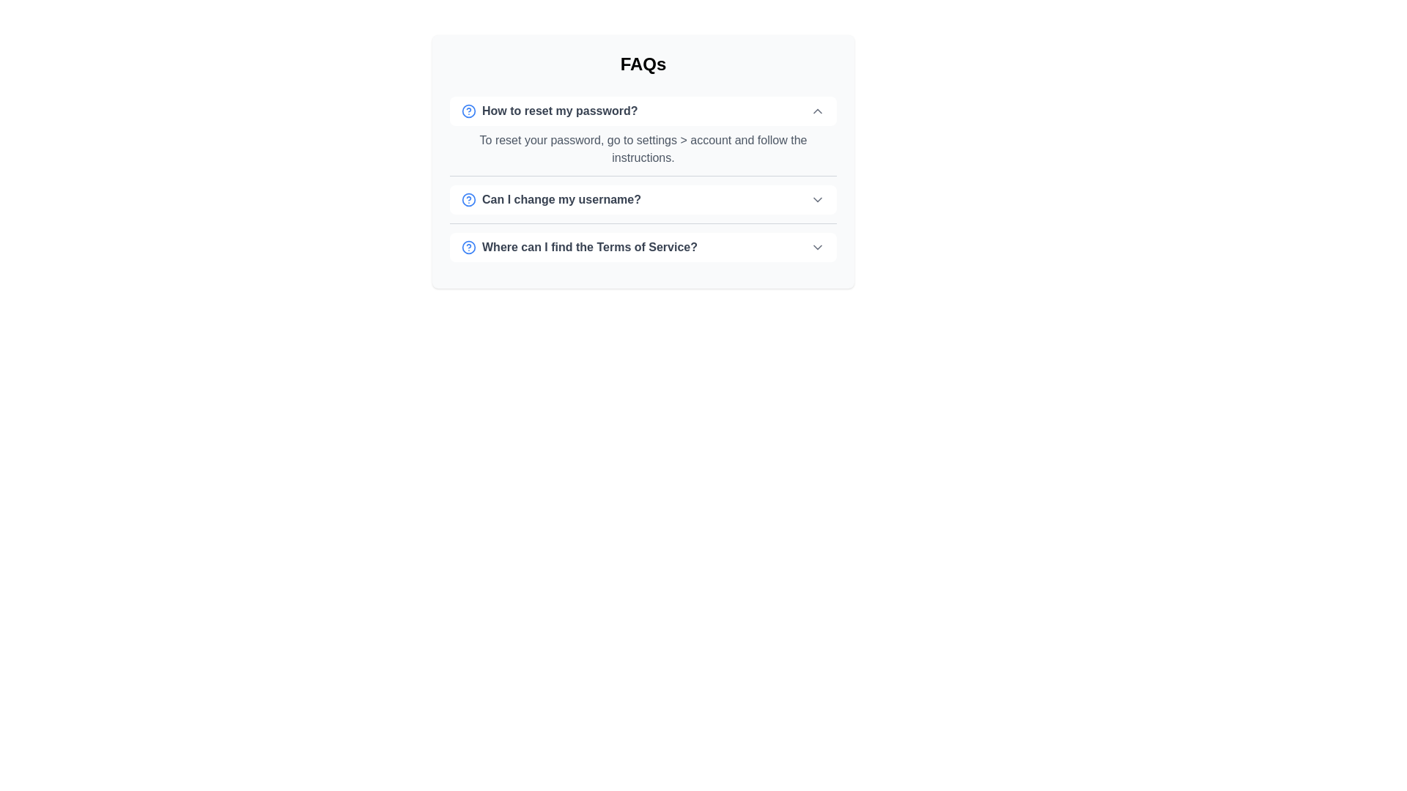 This screenshot has width=1407, height=791. Describe the element at coordinates (550, 200) in the screenshot. I see `the Text Label indicating the subject of the second FAQ item, which is positioned between the 'How to reset my password?' and 'Where can I find the Terms of Service?' FAQ items` at that location.